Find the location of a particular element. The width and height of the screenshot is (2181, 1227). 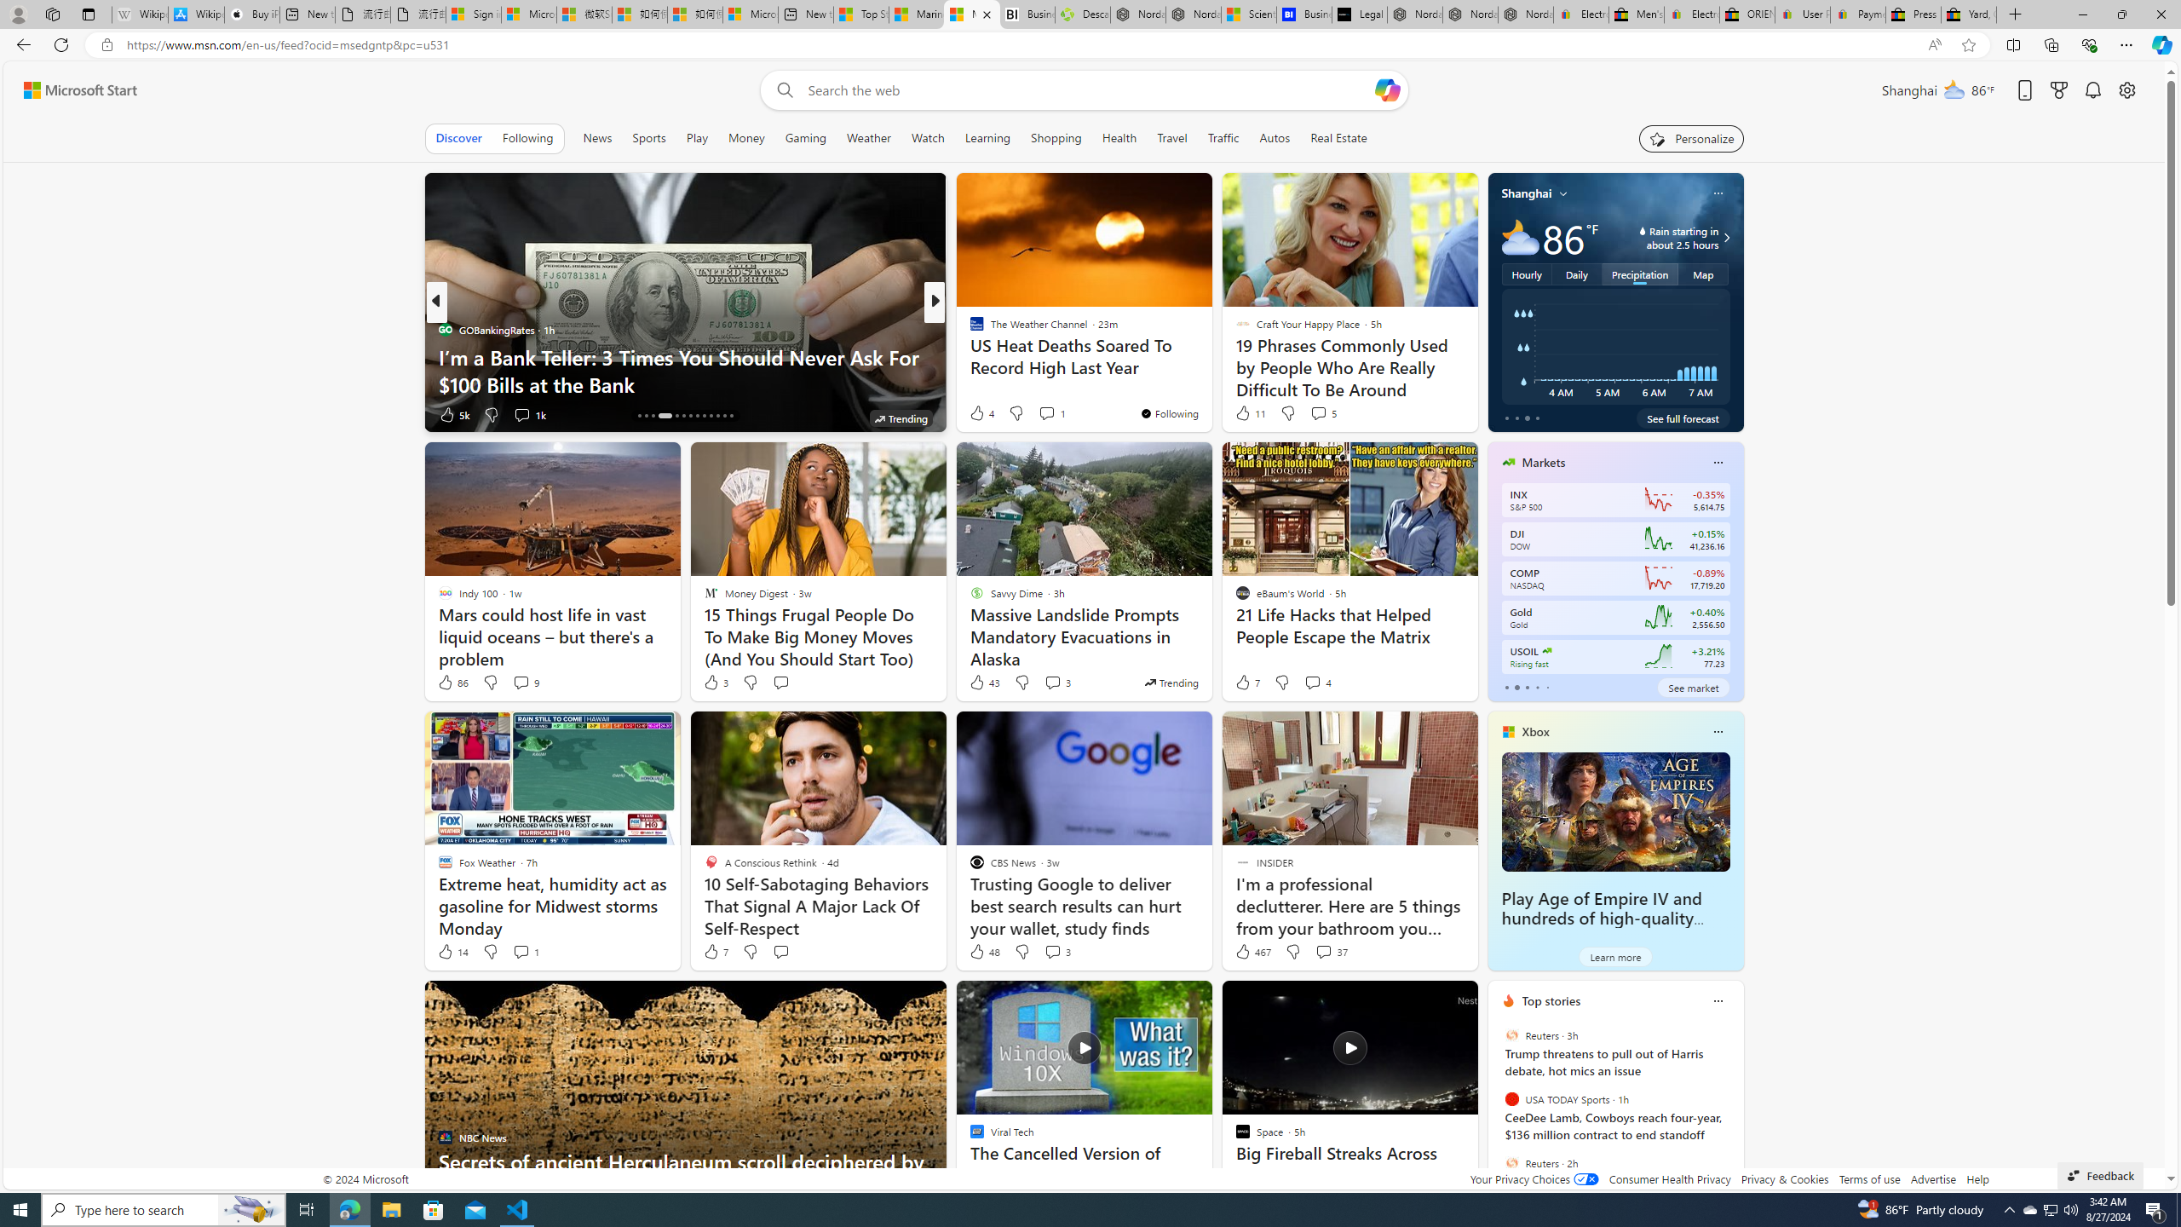

'Skip to content' is located at coordinates (73, 89).